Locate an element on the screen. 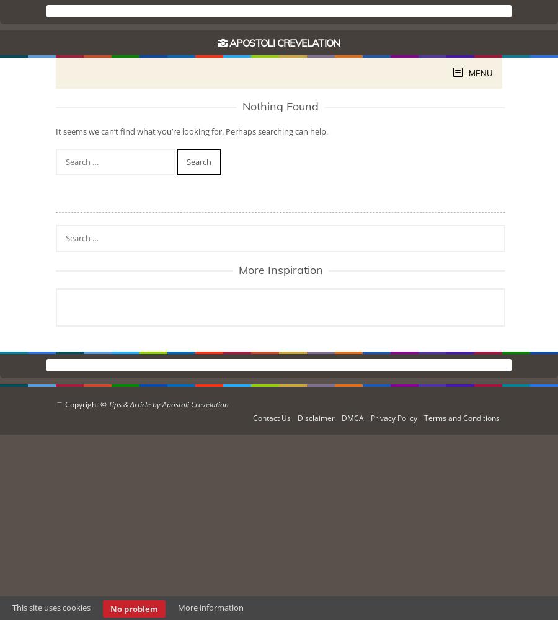 The width and height of the screenshot is (558, 620). 'Disclaimer' is located at coordinates (296, 417).